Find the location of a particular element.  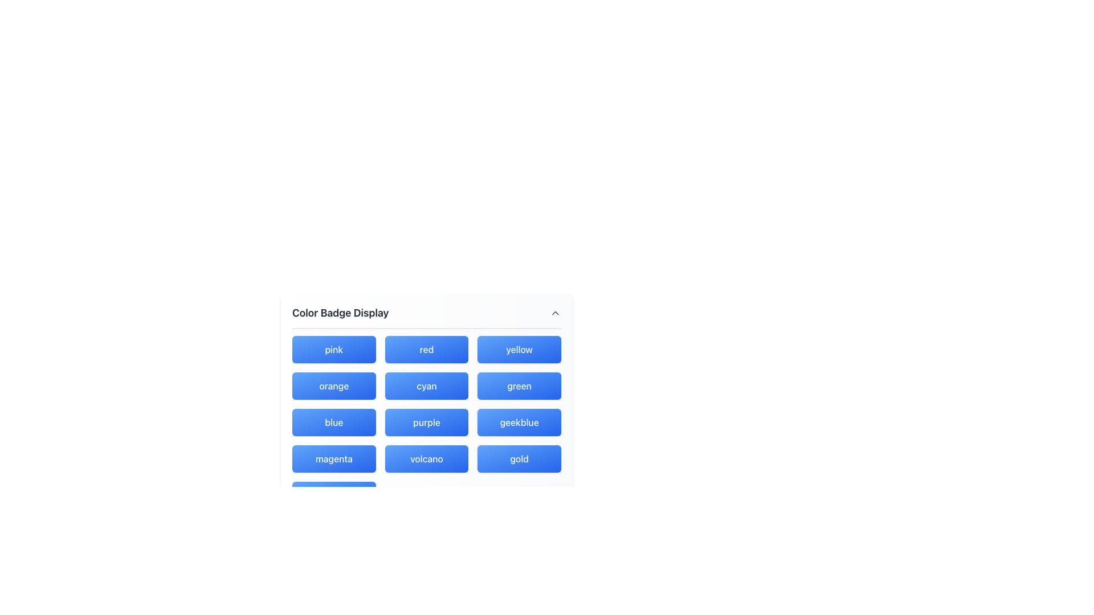

the purple color selection button located in the middle of the third row of the grid layout, which is positioned below the blue and cyan buttons, and above the volcano and gold buttons is located at coordinates (426, 422).